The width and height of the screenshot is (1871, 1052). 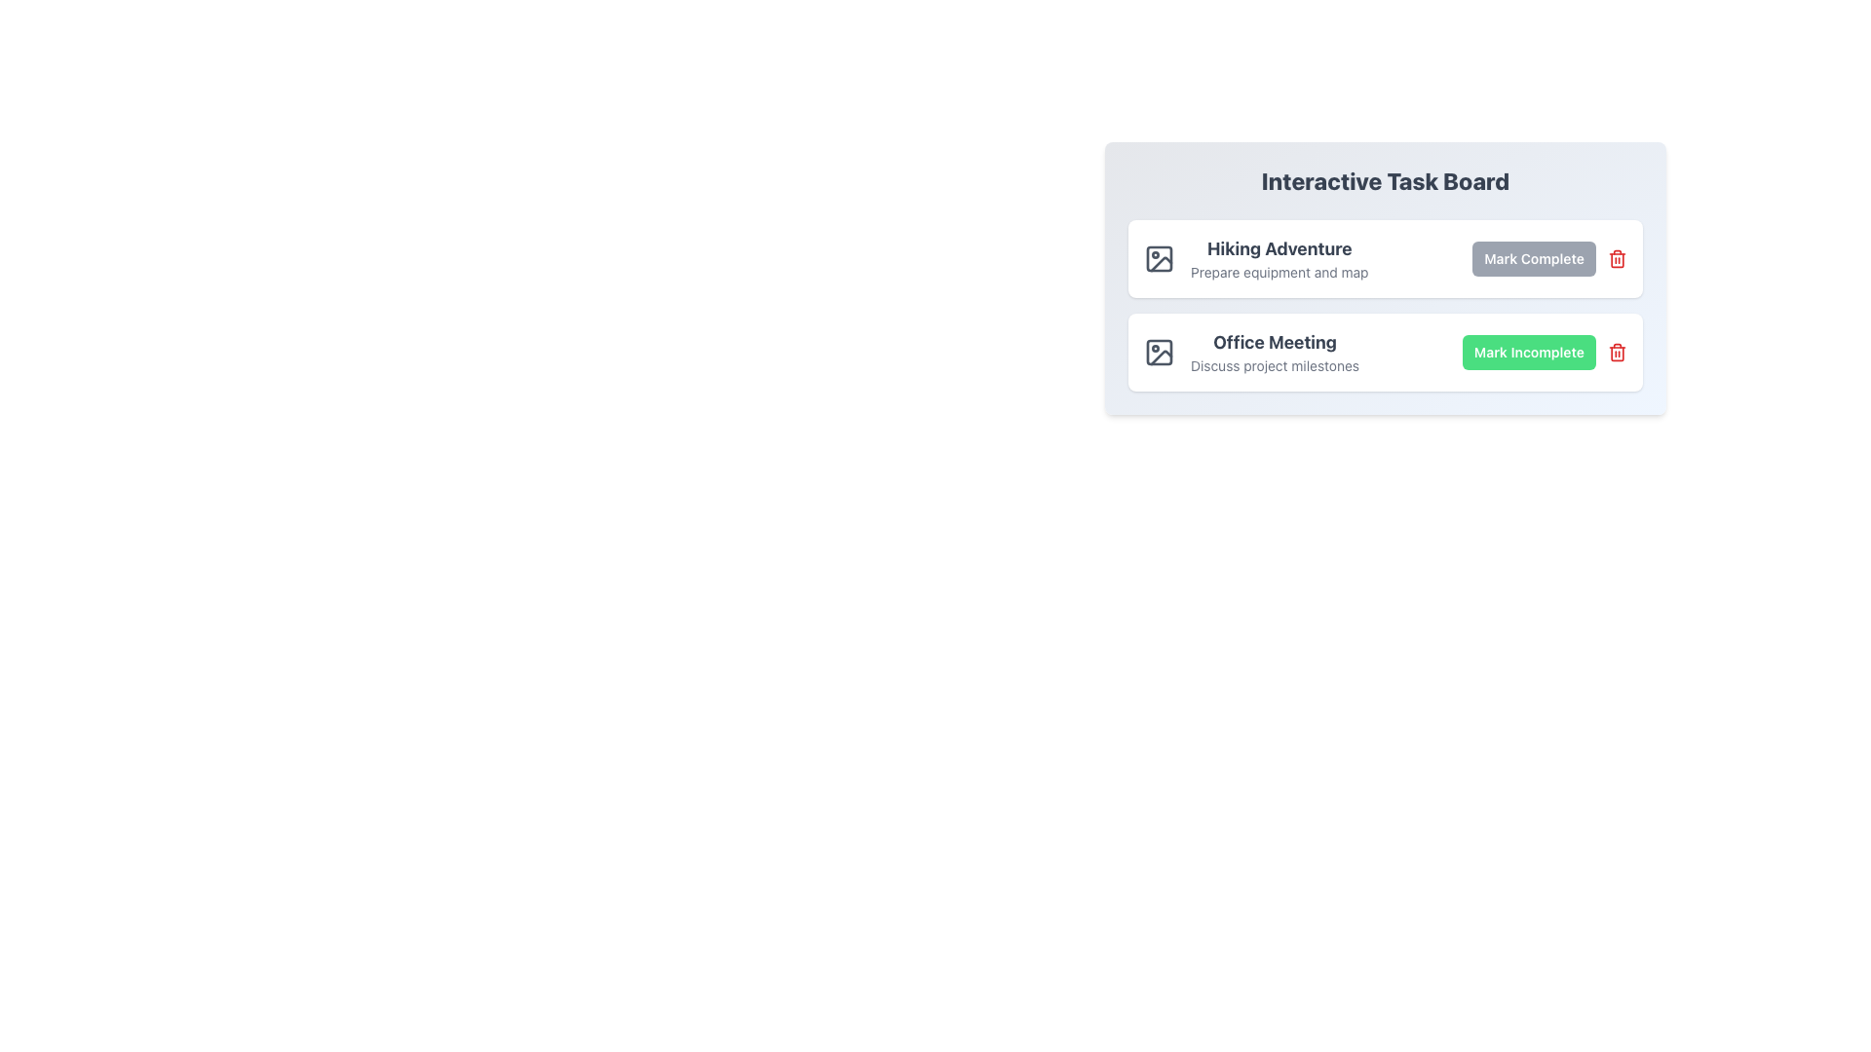 I want to click on the bright green 'Mark Incomplete' button with rounded corners and white text, located on the right end of the second row in the task list of the 'Interactive Task Board', so click(x=1528, y=353).